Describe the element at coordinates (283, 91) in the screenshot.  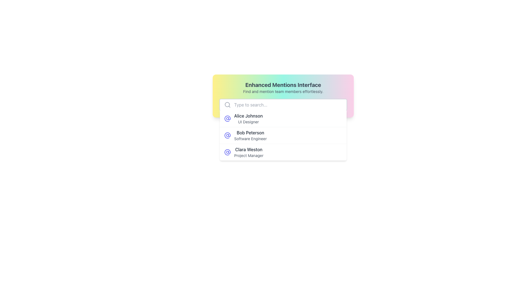
I see `the informative subtitle text that elaborates on the functionality of the 'Enhanced Mentions Interface', which is located directly below the heading in the colored header section` at that location.